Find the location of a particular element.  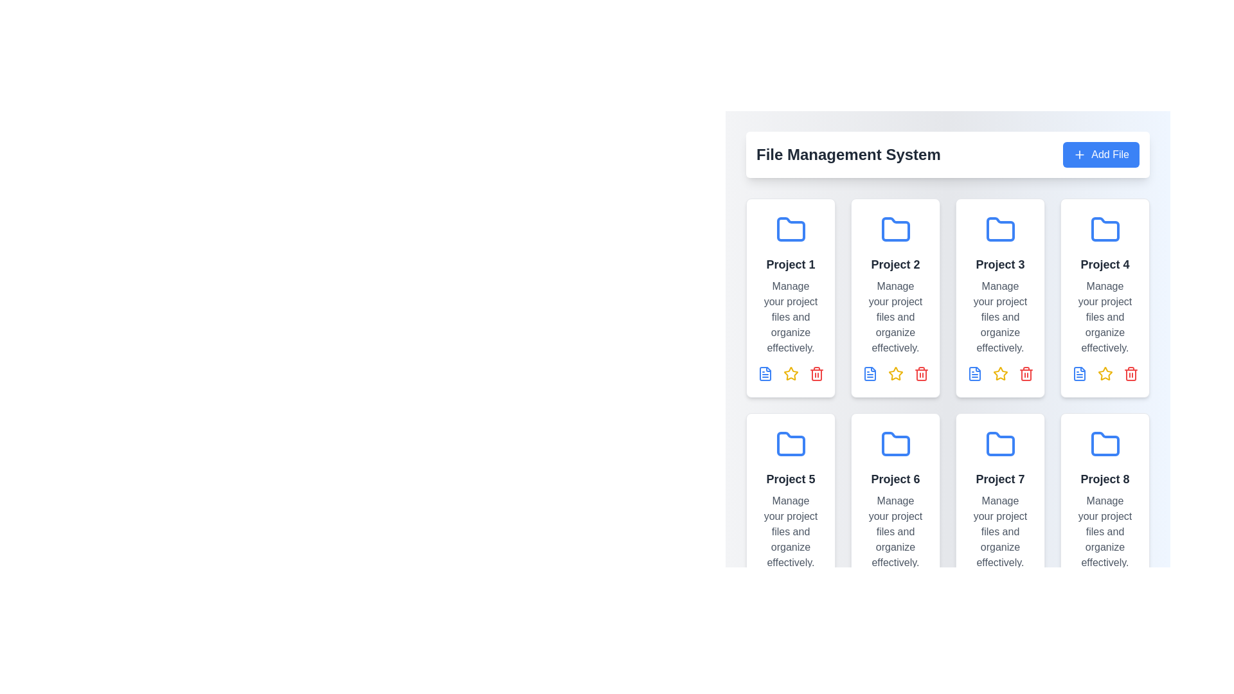

the yellow star icon located in the middle of the interactive icons row beneath the 'Project 1' card to mark it as favorite is located at coordinates (790, 374).